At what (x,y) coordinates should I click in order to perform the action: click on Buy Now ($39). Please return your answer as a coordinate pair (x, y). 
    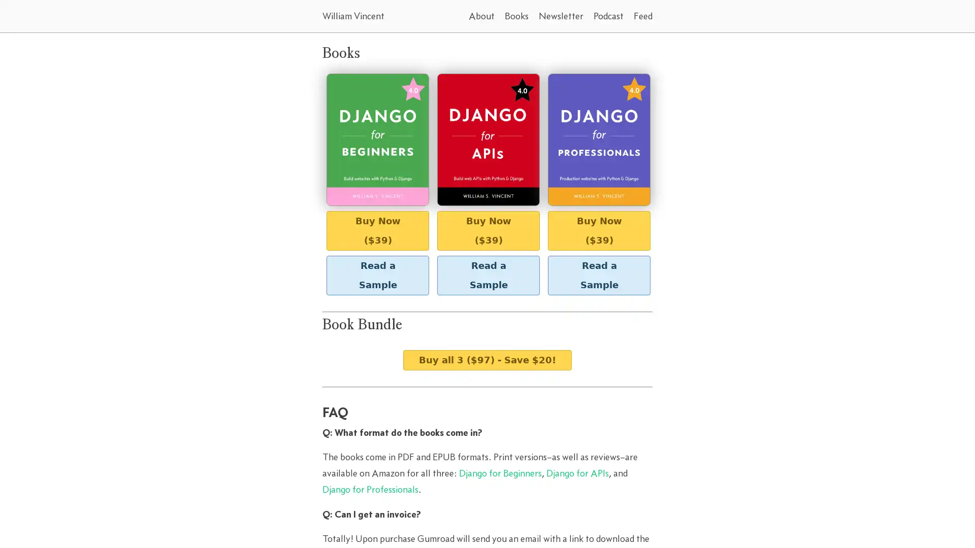
    Looking at the image, I should click on (377, 230).